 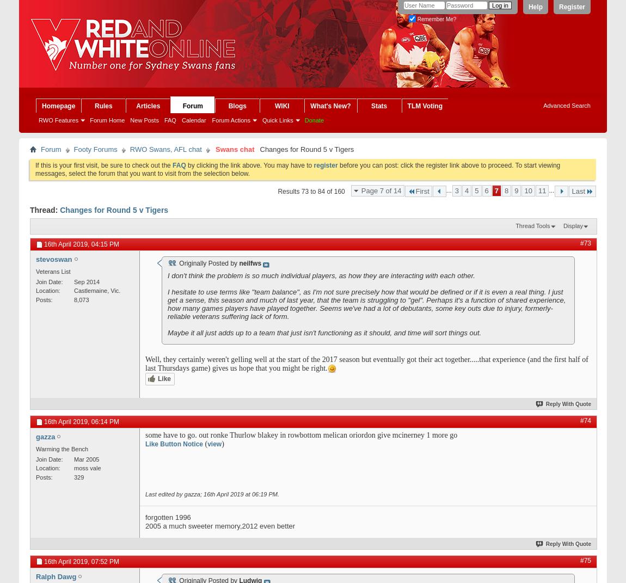 What do you see at coordinates (464, 190) in the screenshot?
I see `'4'` at bounding box center [464, 190].